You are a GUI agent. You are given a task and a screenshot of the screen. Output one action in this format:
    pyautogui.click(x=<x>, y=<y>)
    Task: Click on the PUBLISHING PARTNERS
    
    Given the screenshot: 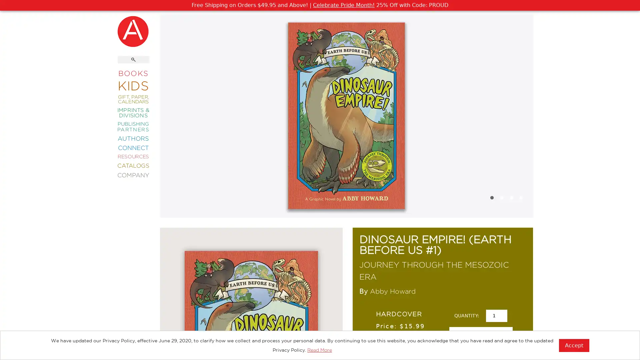 What is the action you would take?
    pyautogui.click(x=133, y=126)
    